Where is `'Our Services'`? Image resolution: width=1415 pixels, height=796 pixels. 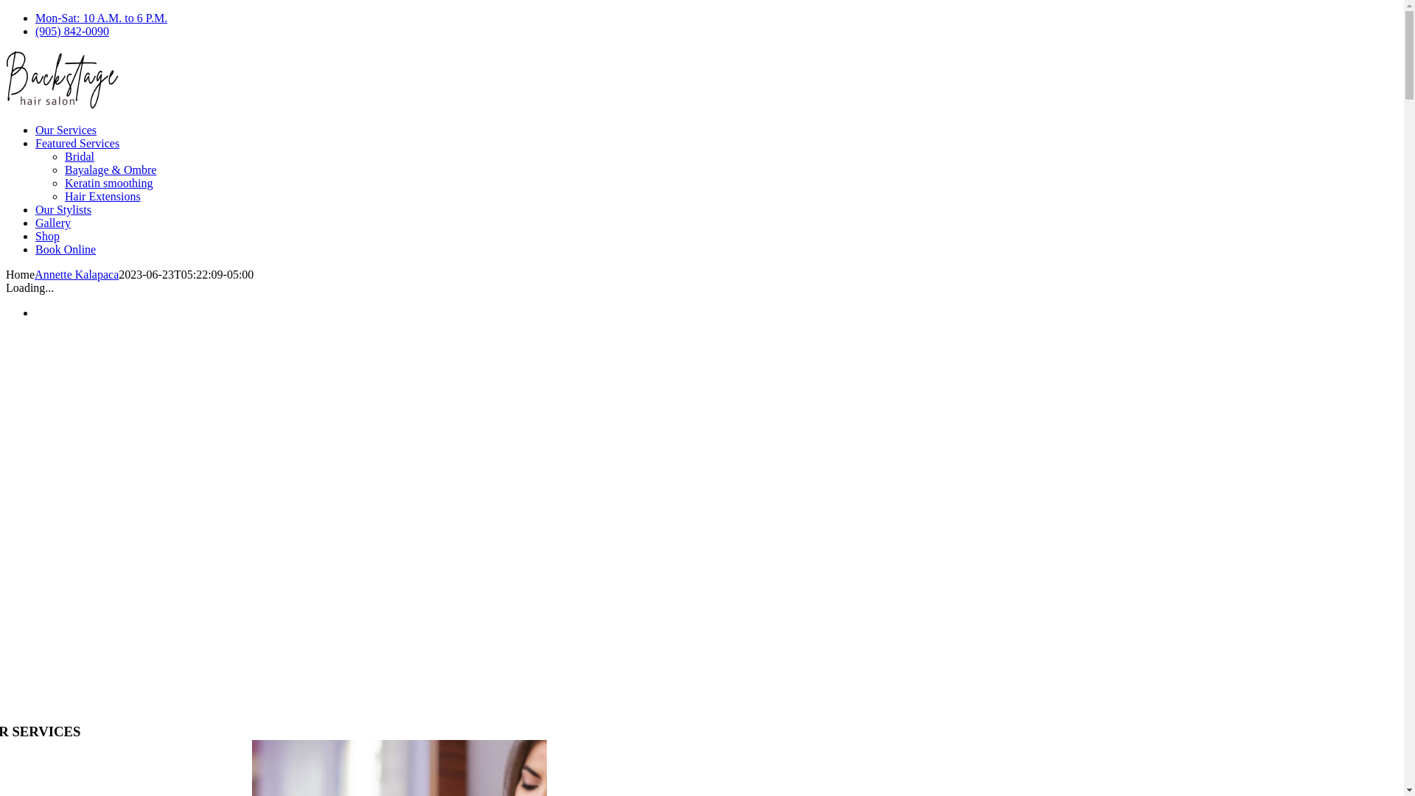 'Our Services' is located at coordinates (35, 129).